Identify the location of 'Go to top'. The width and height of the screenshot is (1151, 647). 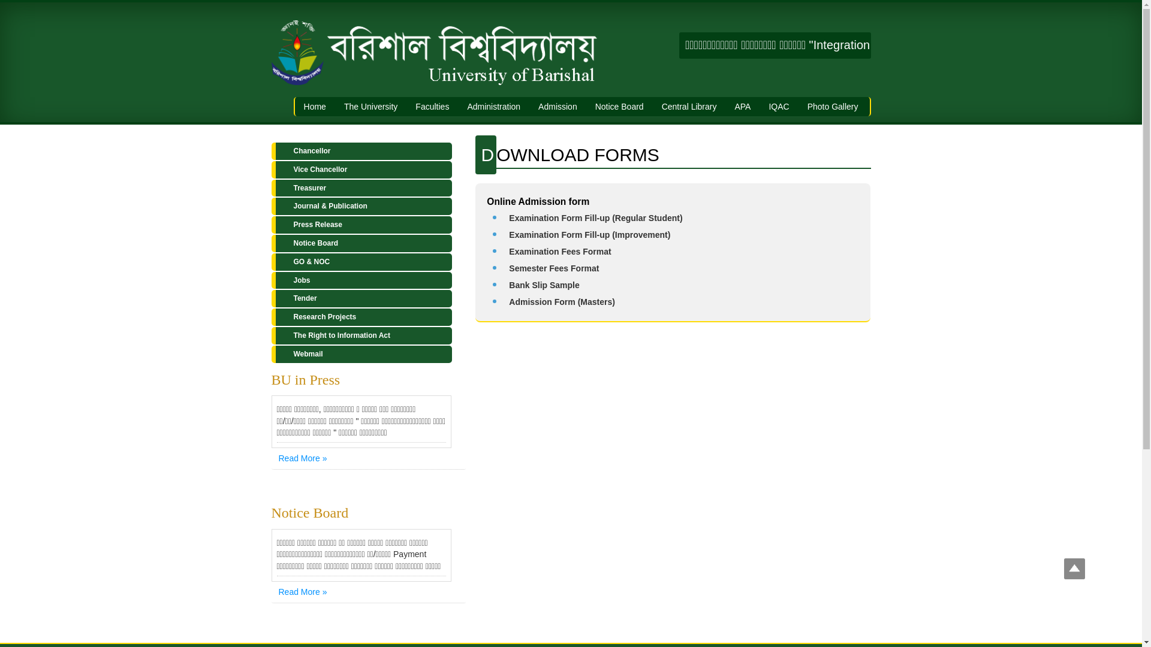
(1074, 570).